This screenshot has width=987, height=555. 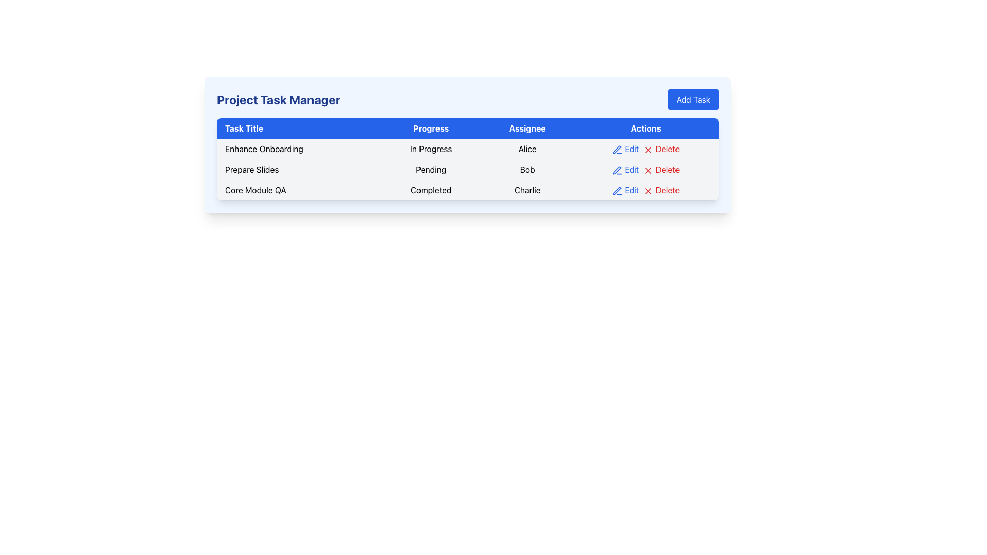 What do you see at coordinates (527, 190) in the screenshot?
I see `the text label for the assignee in the third row of the table under the 'Assignee' column, which identifies the assignee for the 'Core Module QA' task` at bounding box center [527, 190].